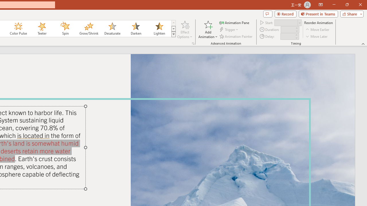  Describe the element at coordinates (236, 36) in the screenshot. I see `'Animation Painter'` at that location.